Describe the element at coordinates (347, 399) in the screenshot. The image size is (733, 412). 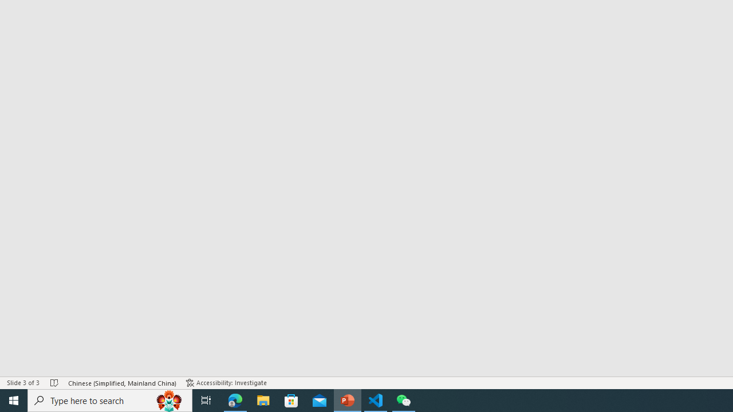
I see `'PowerPoint - 1 running window'` at that location.